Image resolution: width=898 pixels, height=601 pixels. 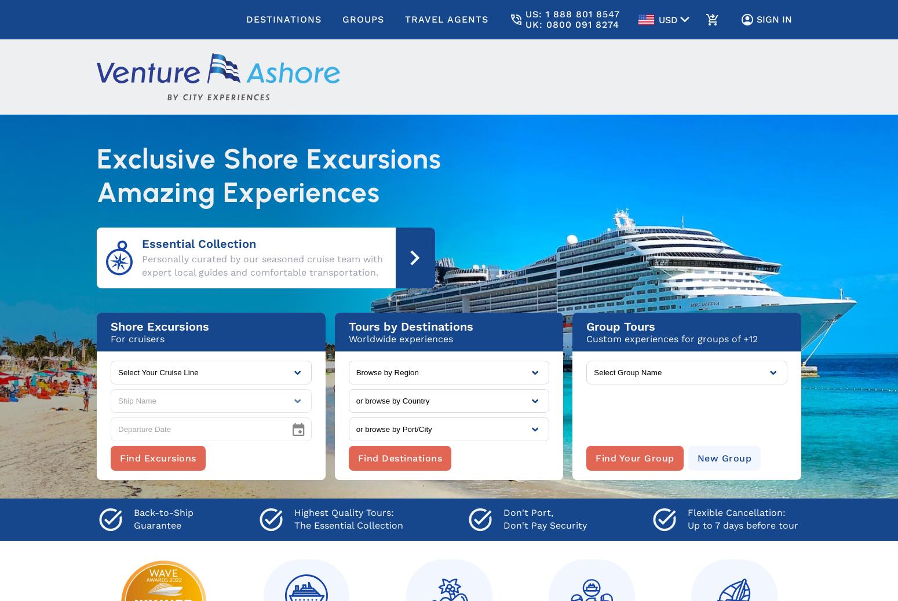 What do you see at coordinates (137, 338) in the screenshot?
I see `'For cruisers'` at bounding box center [137, 338].